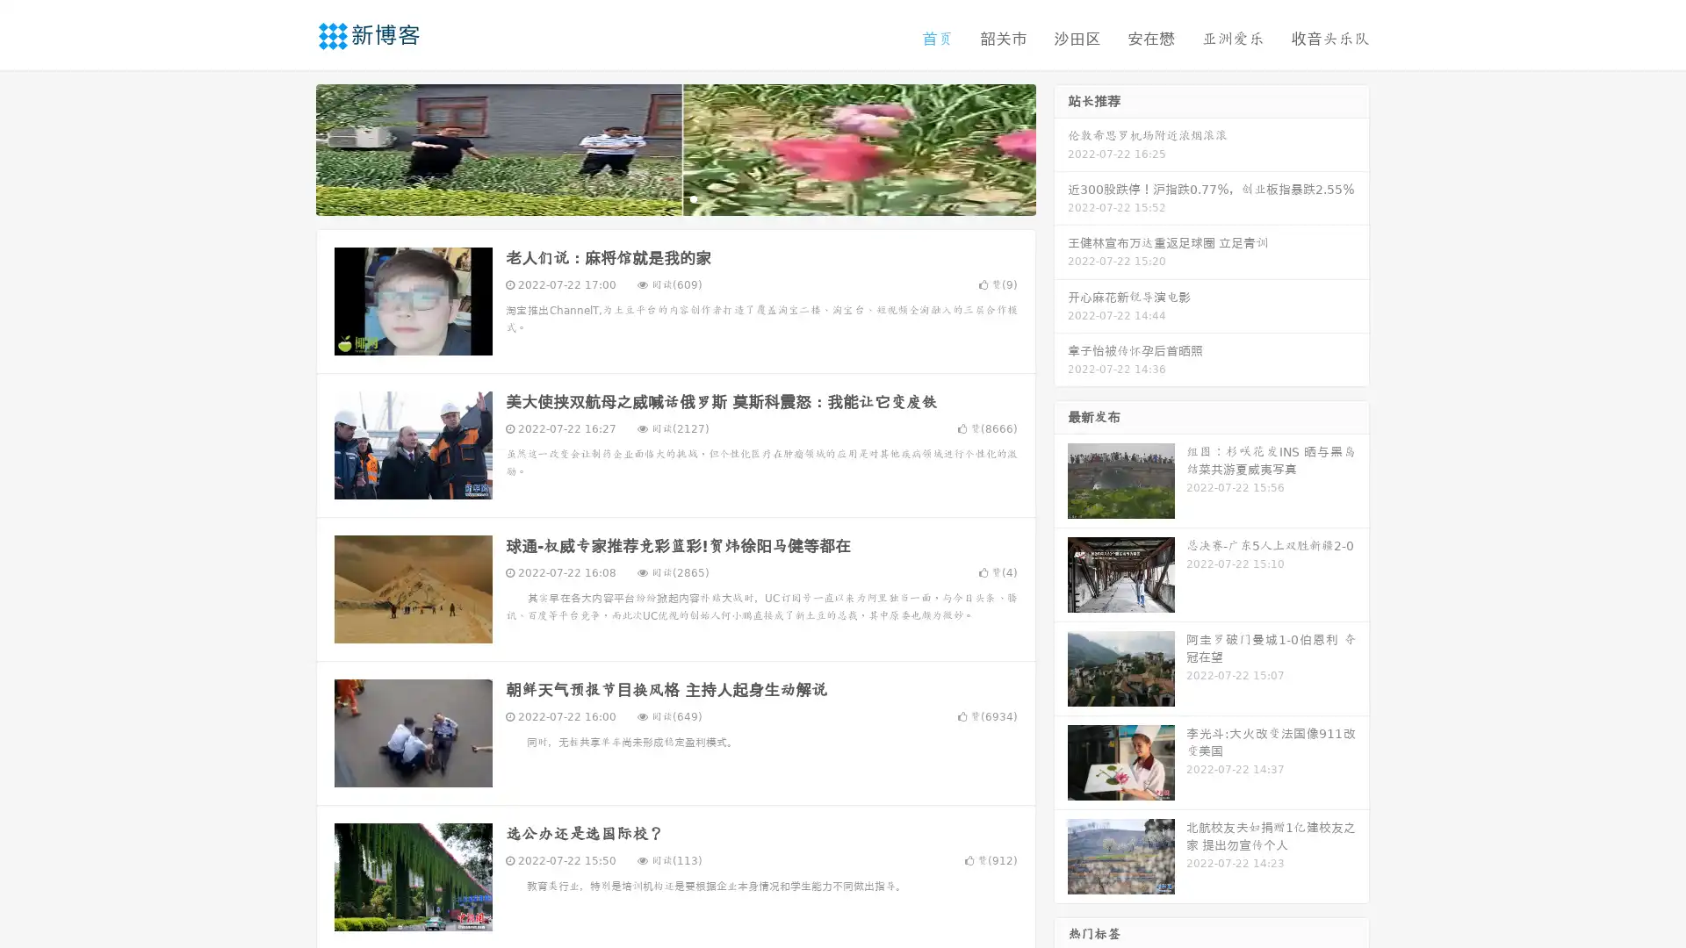 The height and width of the screenshot is (948, 1686). Describe the element at coordinates (290, 147) in the screenshot. I see `Previous slide` at that location.